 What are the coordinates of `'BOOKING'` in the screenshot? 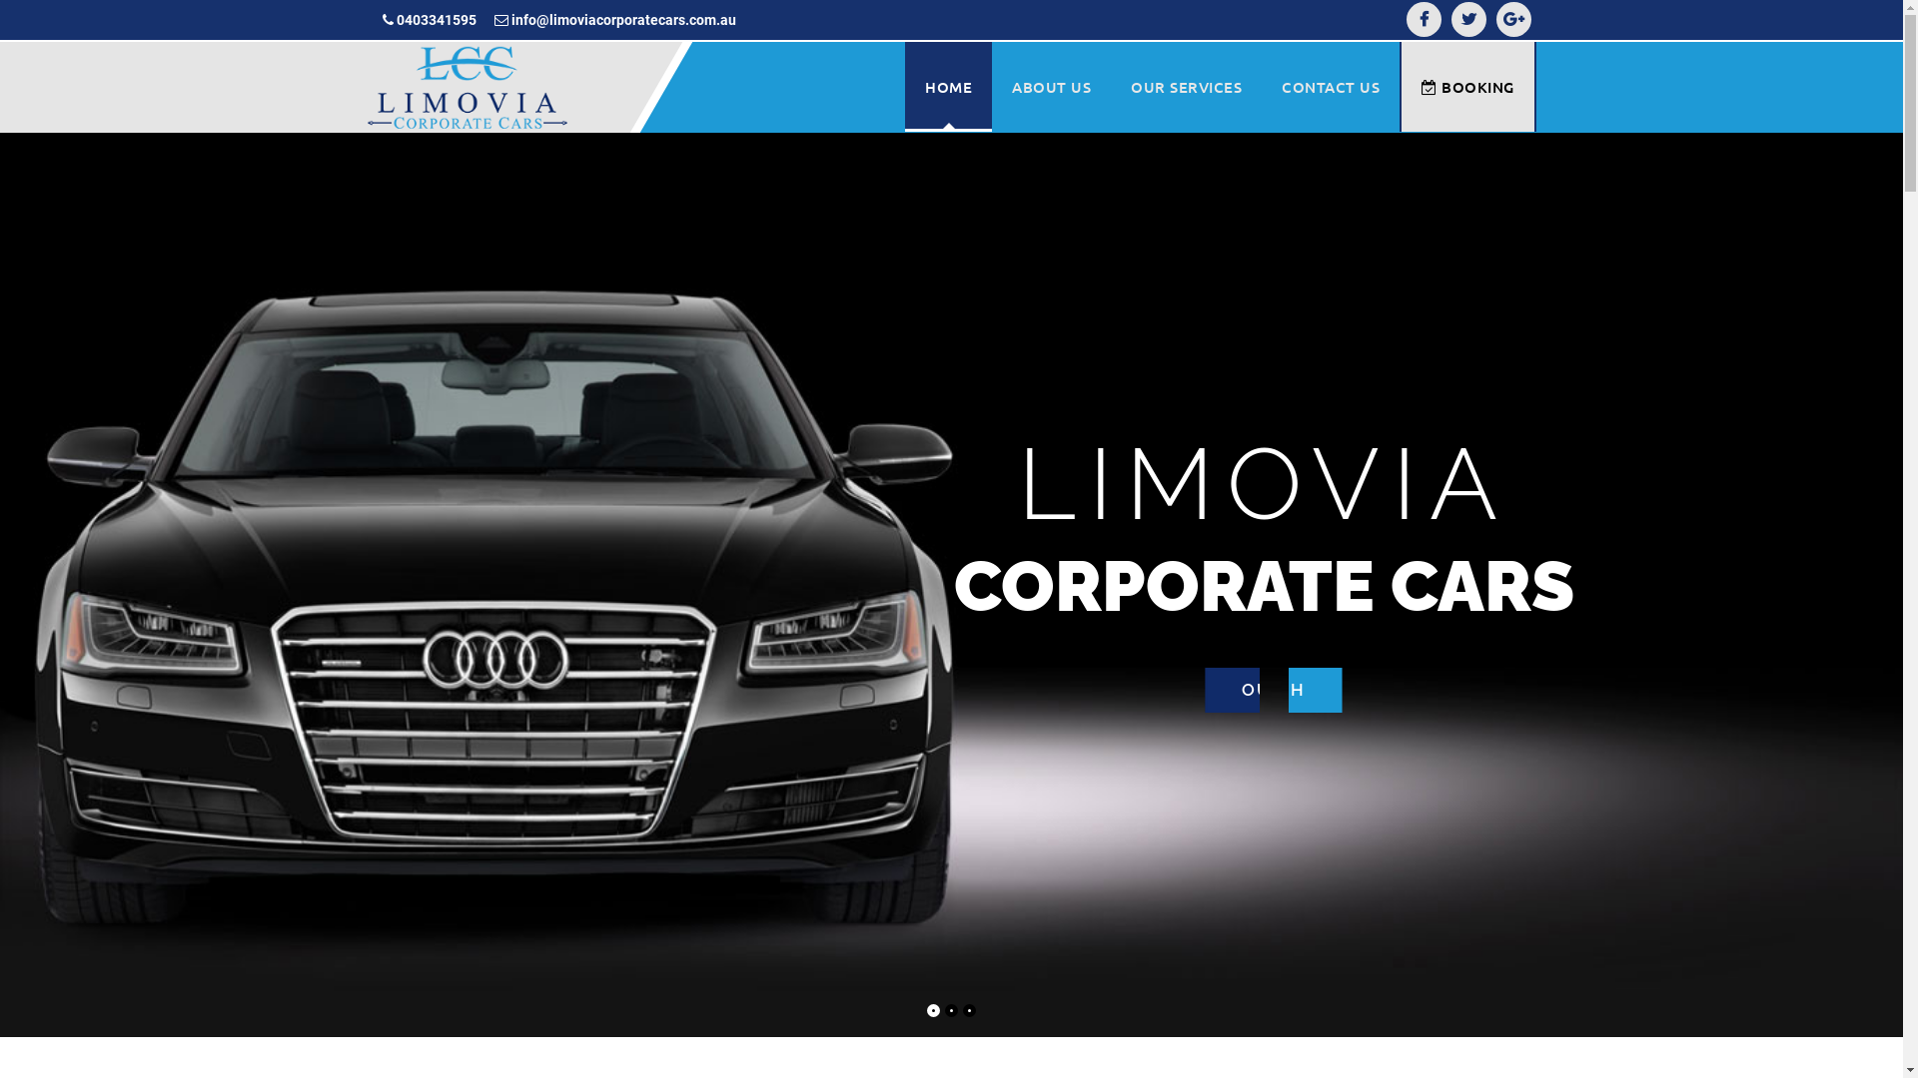 It's located at (1467, 86).